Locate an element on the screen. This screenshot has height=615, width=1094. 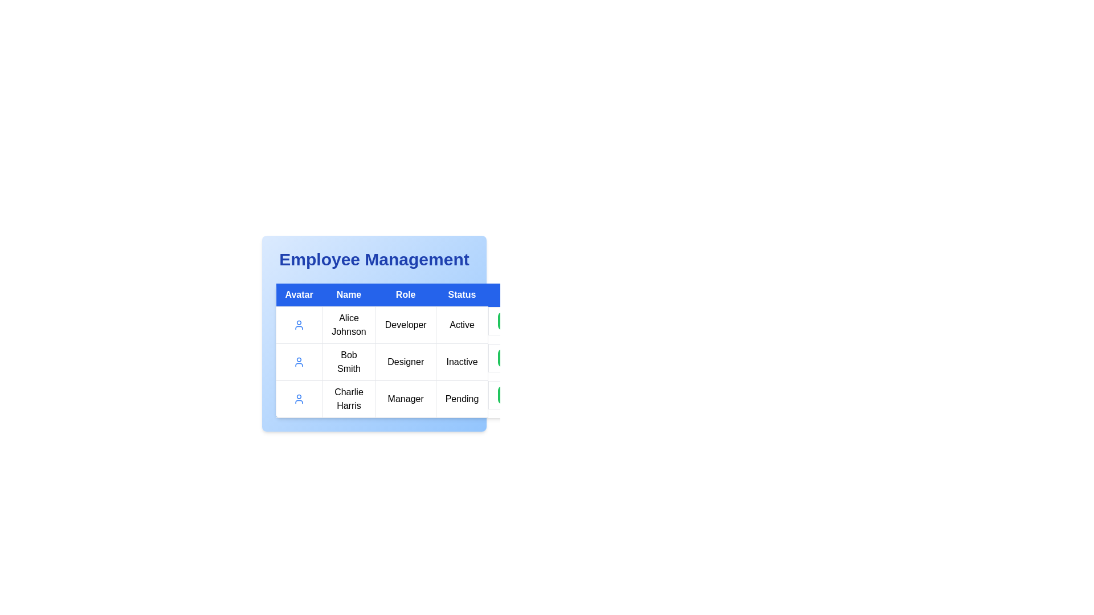
the 'Active' text label in the 'Status' column for 'Alice Johnson', a Developer, which is the fourth cell in the row is located at coordinates (462, 325).